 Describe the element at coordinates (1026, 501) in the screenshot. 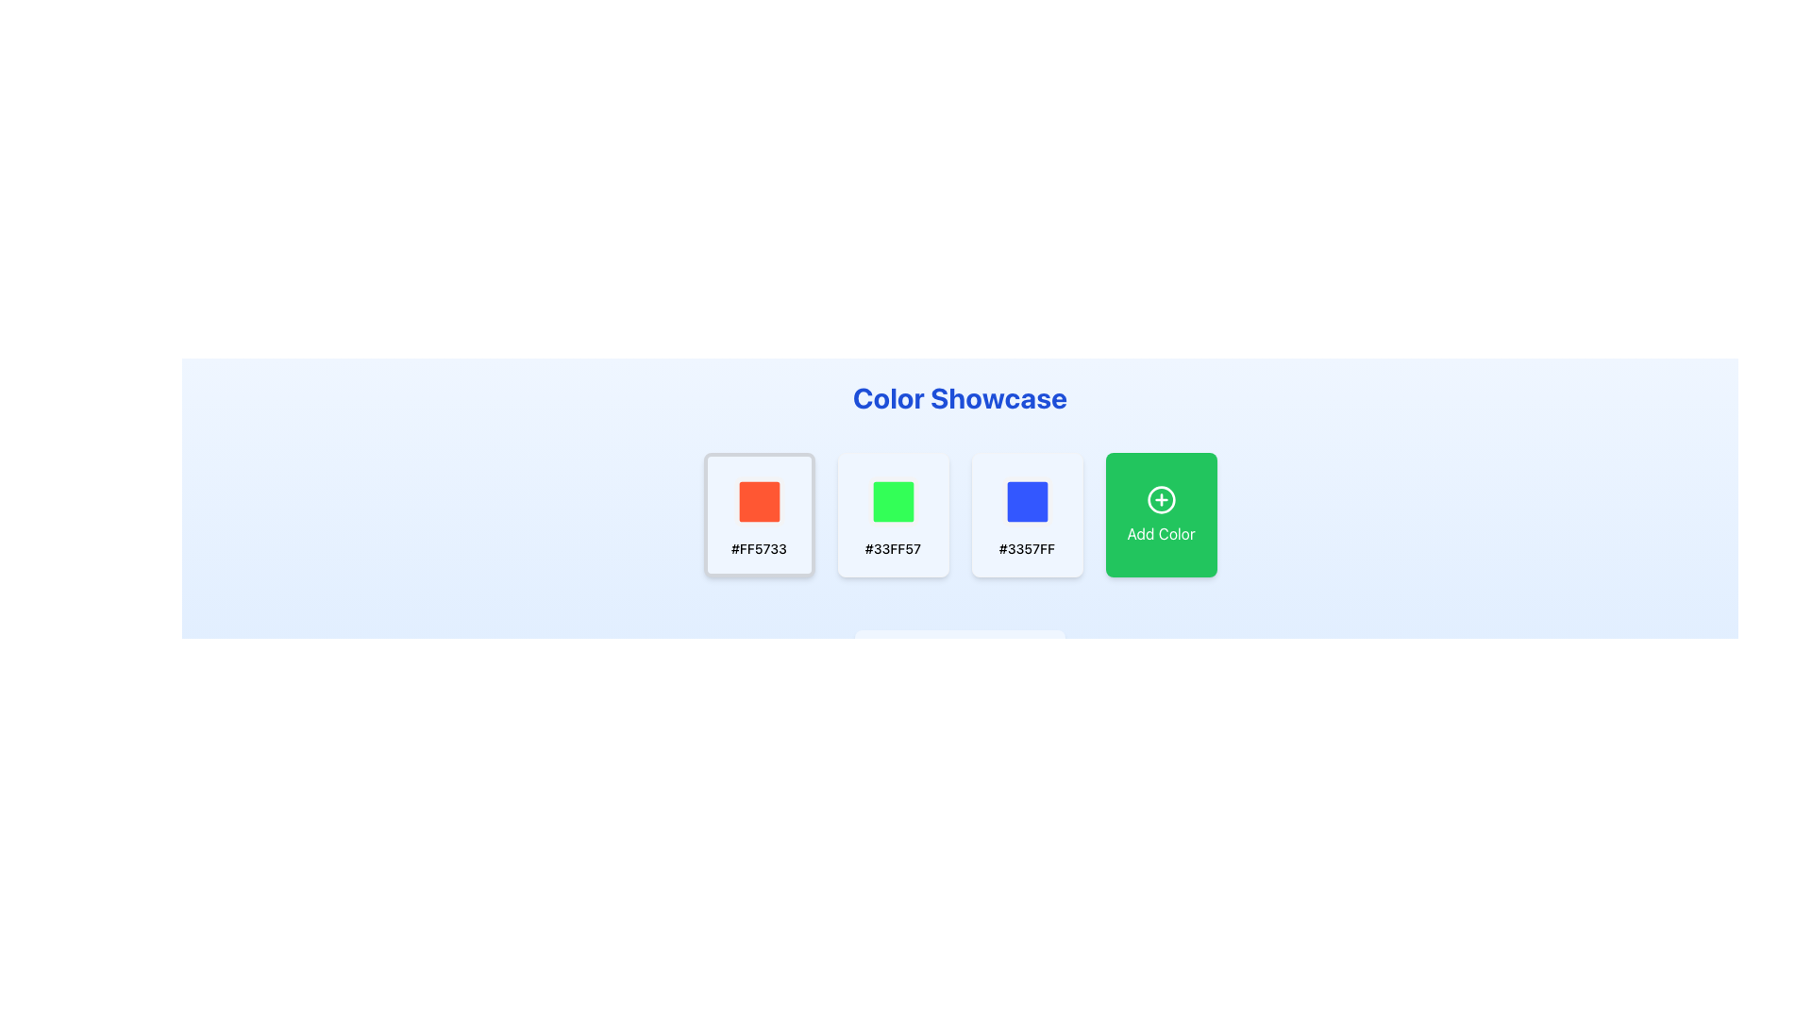

I see `the vibrant blue square color preview element located centrally within the 'Color Showcase' section` at that location.